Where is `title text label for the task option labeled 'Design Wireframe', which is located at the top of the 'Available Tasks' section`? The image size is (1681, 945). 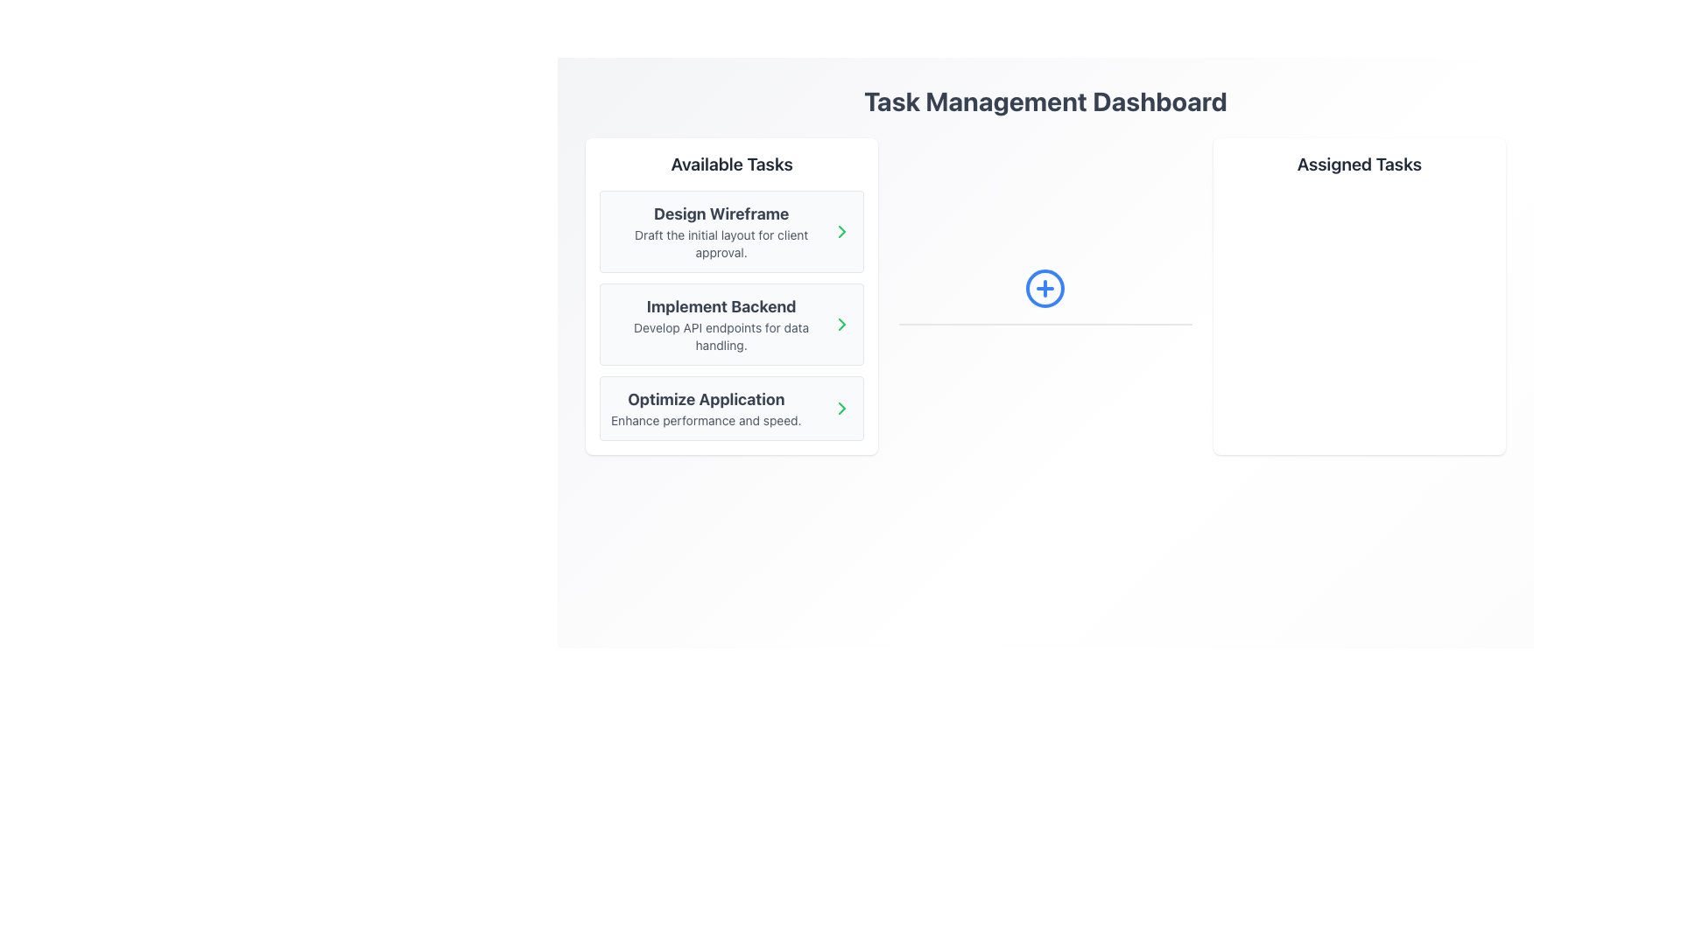 title text label for the task option labeled 'Design Wireframe', which is located at the top of the 'Available Tasks' section is located at coordinates (721, 213).